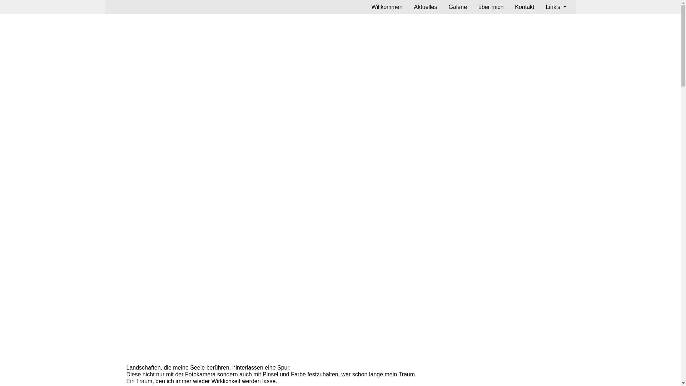 Image resolution: width=686 pixels, height=386 pixels. I want to click on 'Galerie', so click(458, 7).